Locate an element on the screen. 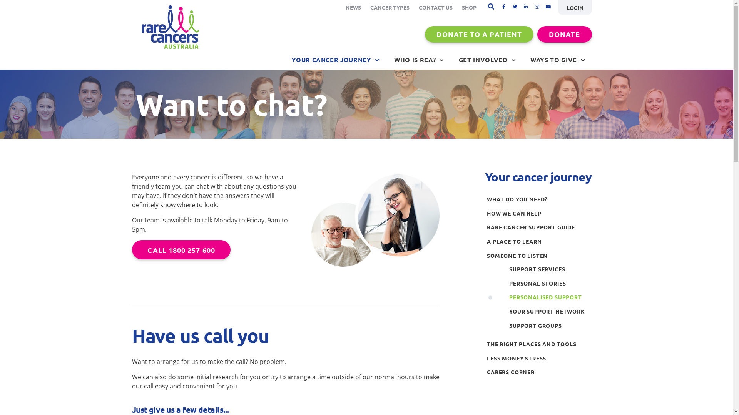 Image resolution: width=739 pixels, height=415 pixels. 'RARE CANCER SUPPORT GUIDE' is located at coordinates (541, 227).